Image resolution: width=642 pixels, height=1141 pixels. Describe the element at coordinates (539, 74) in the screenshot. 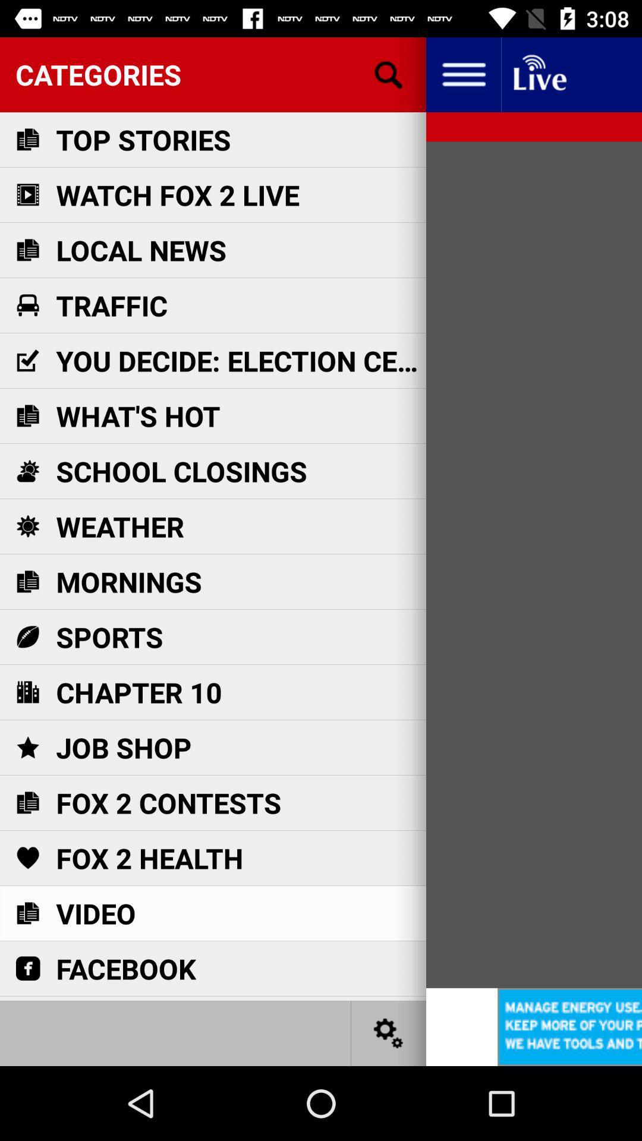

I see `live button` at that location.